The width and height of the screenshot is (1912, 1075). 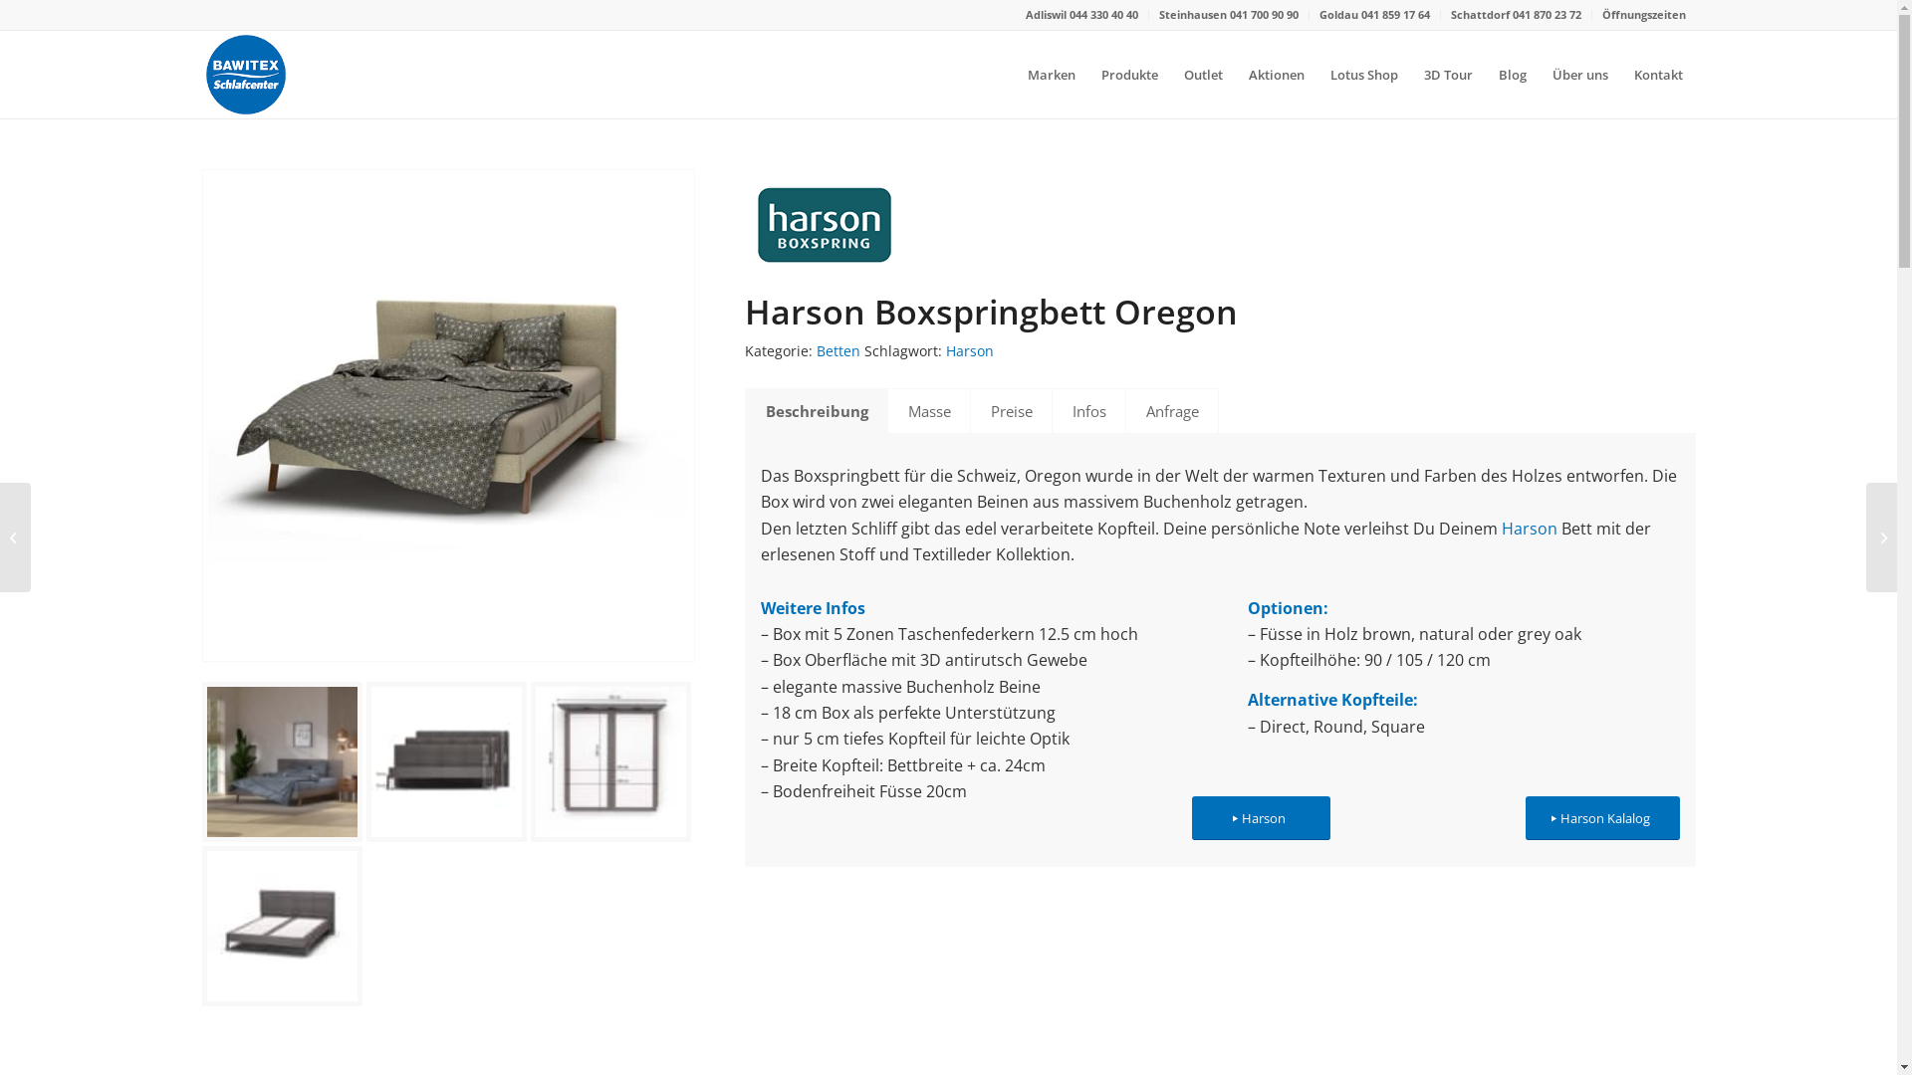 What do you see at coordinates (1085, 73) in the screenshot?
I see `'Produkte'` at bounding box center [1085, 73].